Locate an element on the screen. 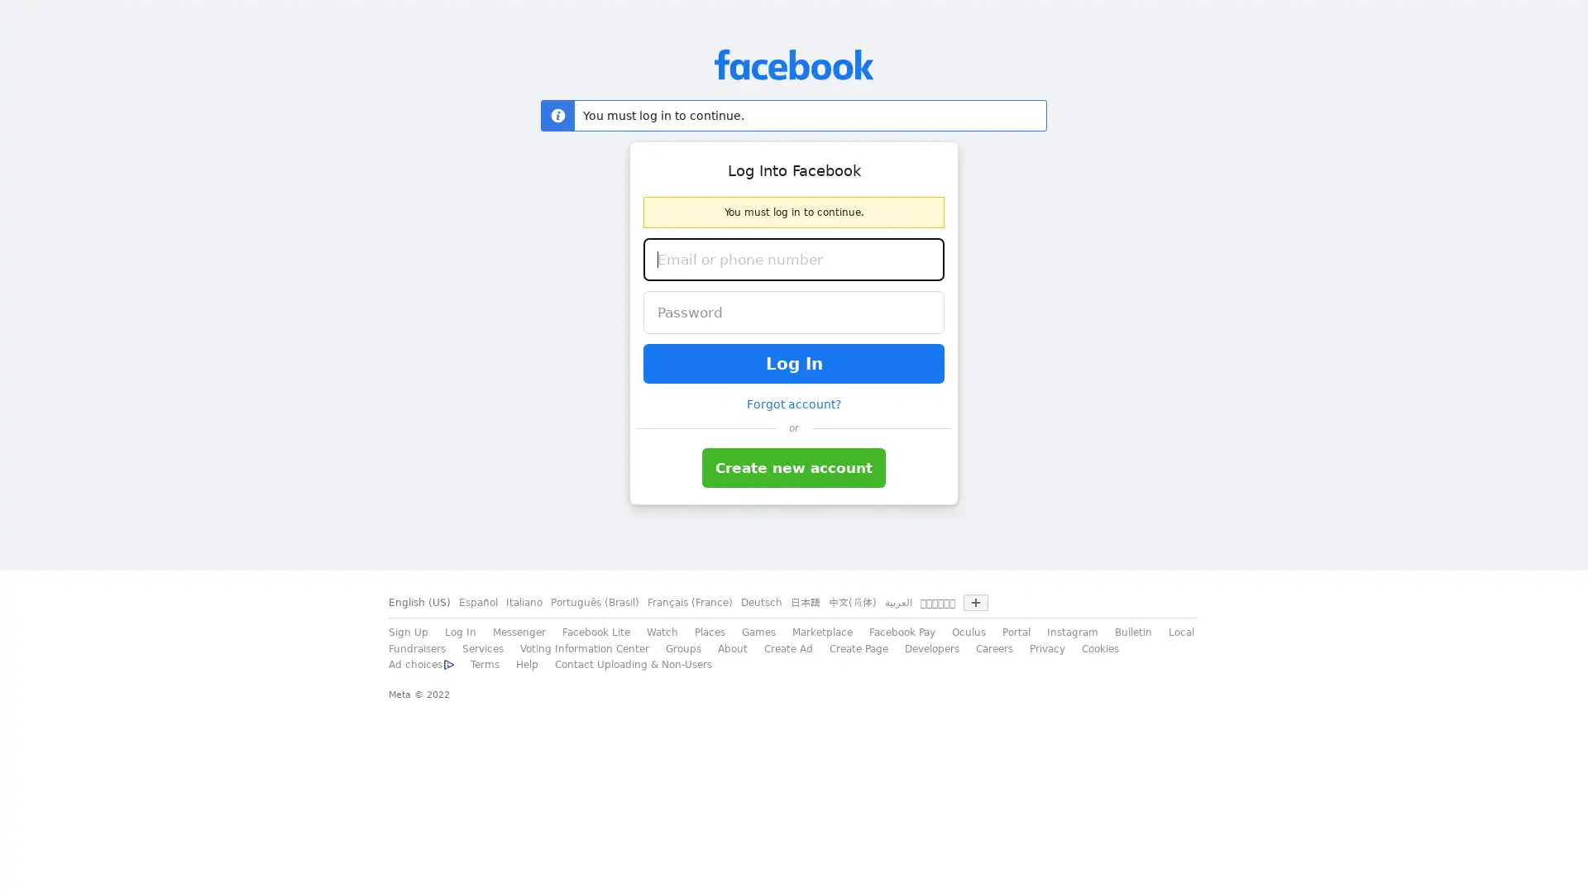  Create new account is located at coordinates (794, 468).